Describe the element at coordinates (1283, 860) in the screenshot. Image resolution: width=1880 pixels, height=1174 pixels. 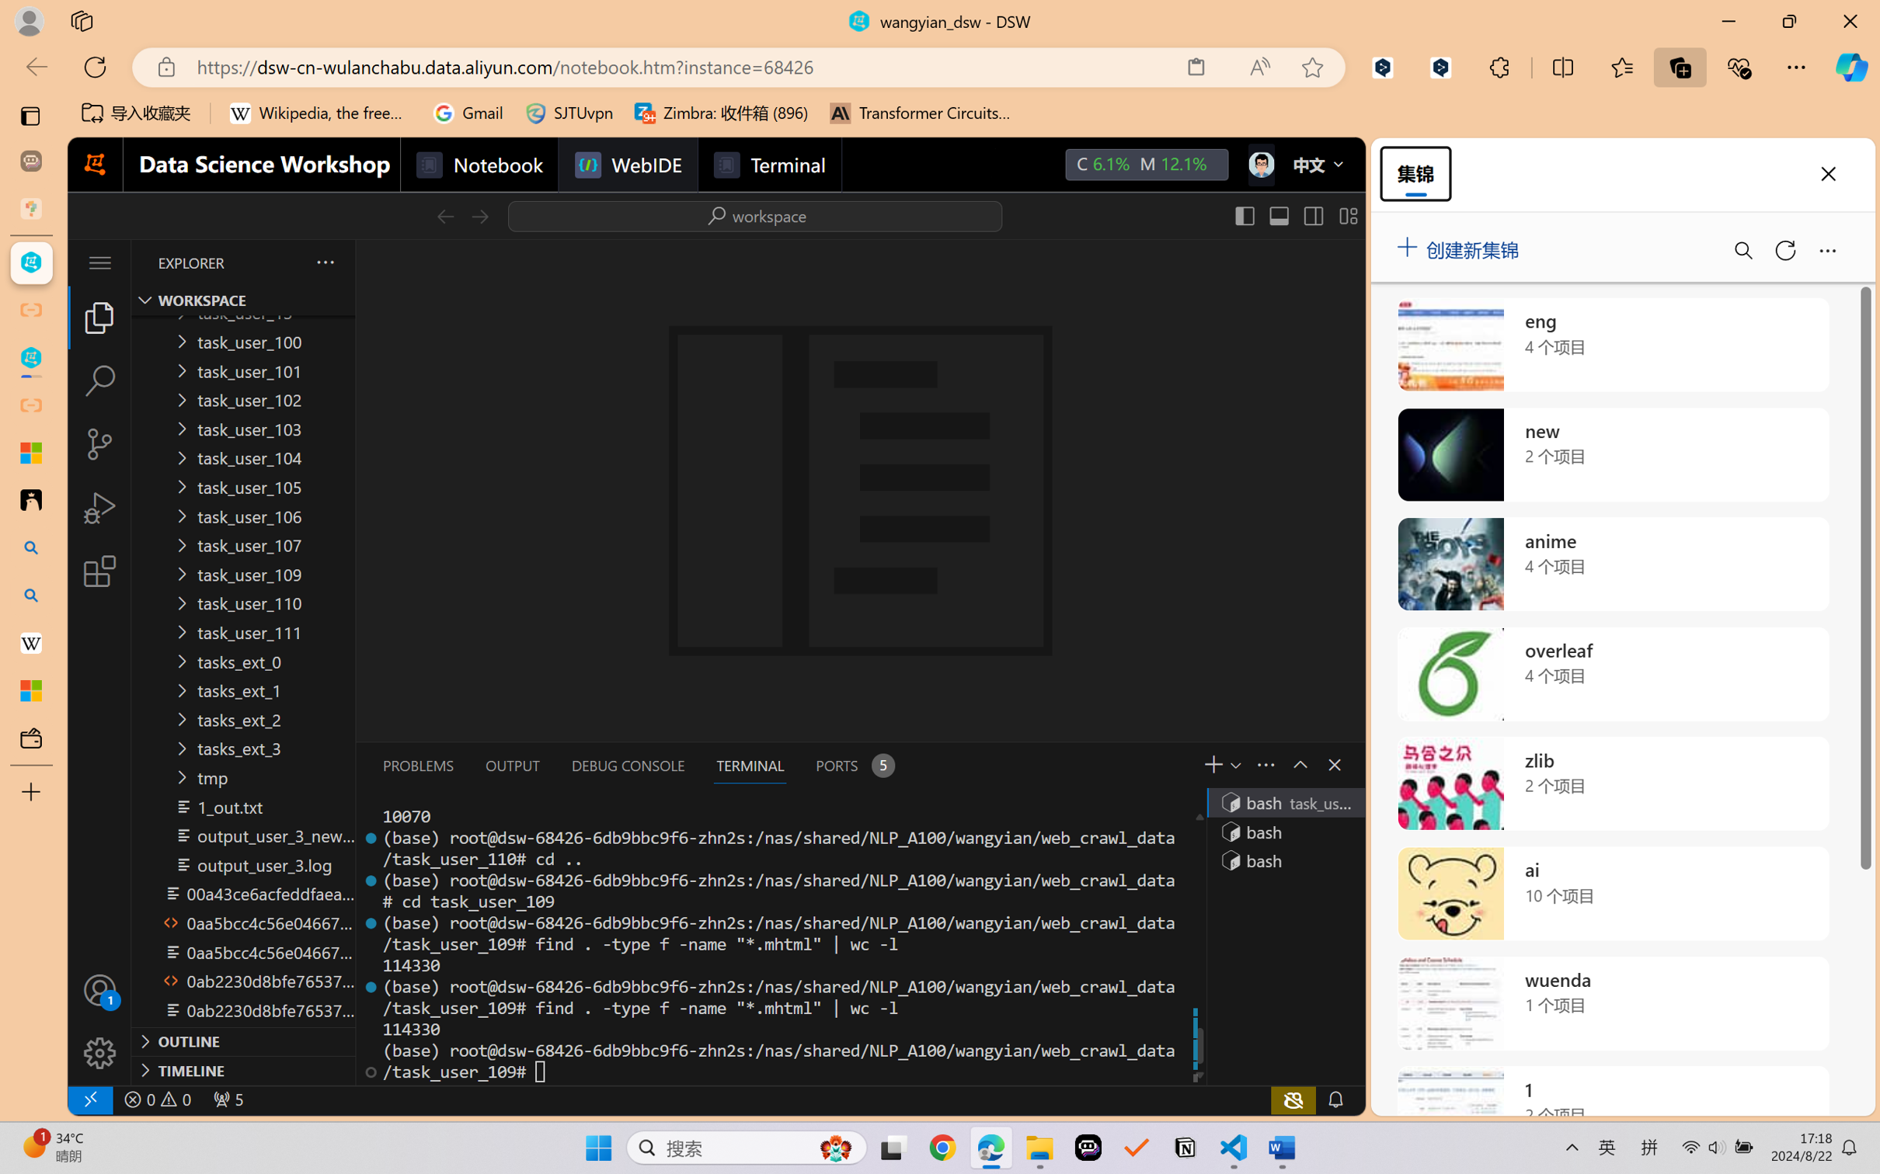
I see `'Terminal 3 bash'` at that location.